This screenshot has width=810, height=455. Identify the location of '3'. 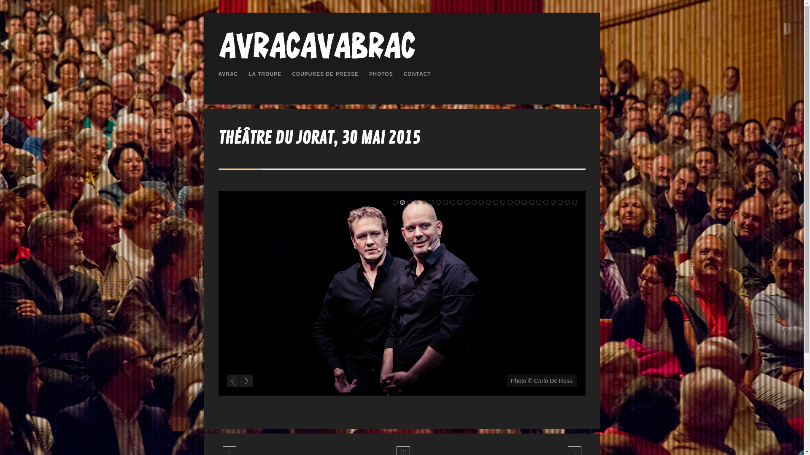
(409, 202).